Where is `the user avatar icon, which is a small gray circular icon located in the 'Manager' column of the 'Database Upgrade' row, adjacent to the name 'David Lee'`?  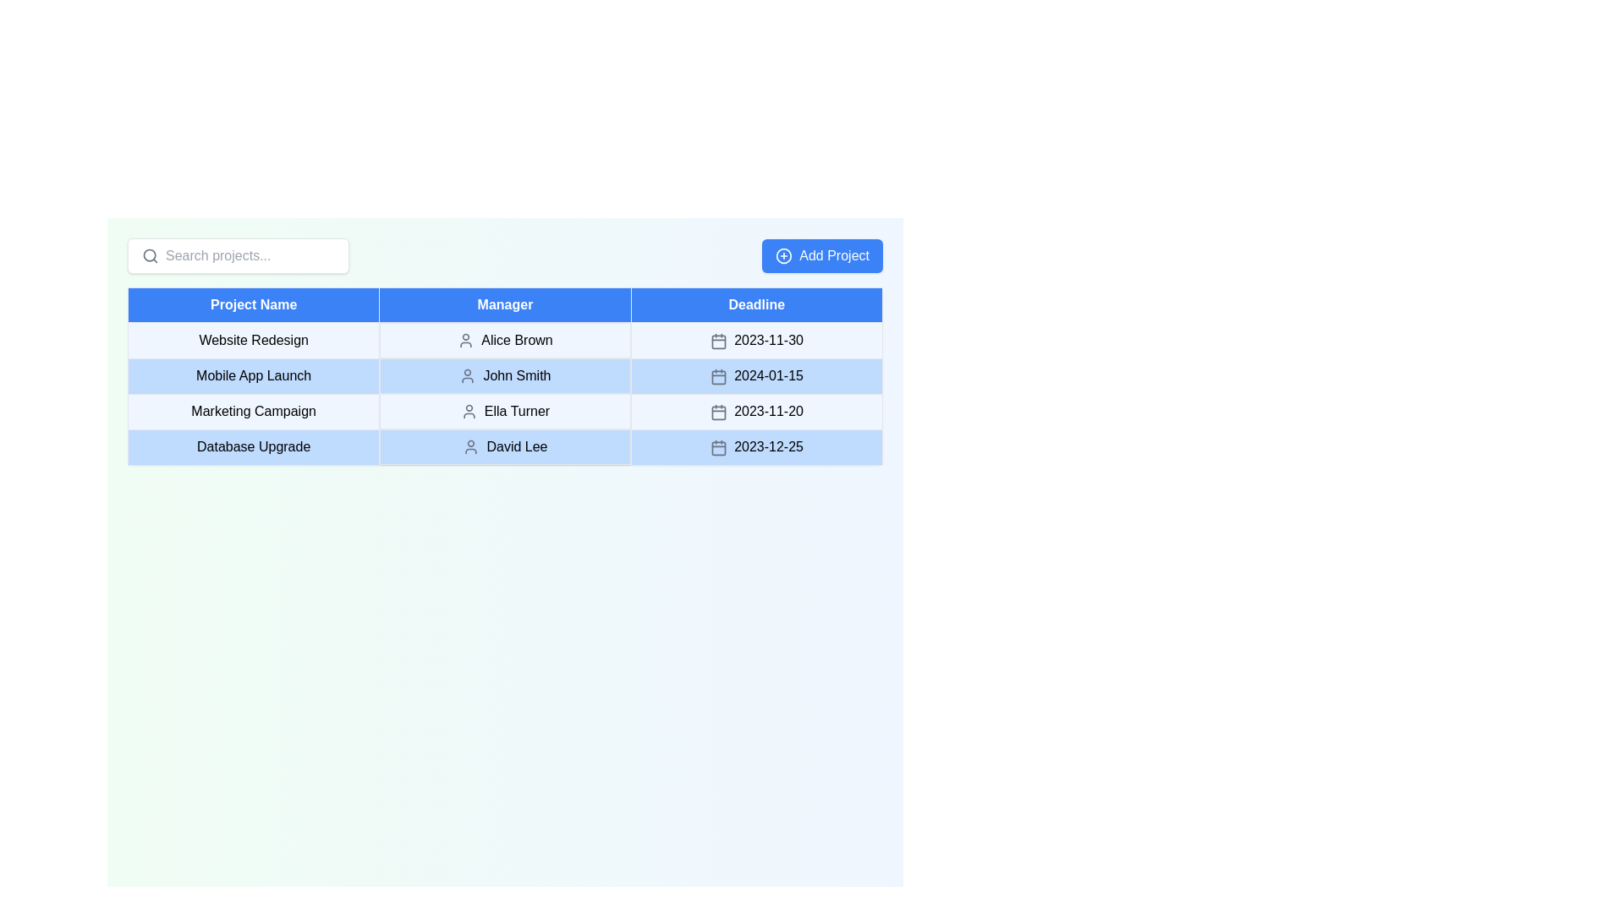
the user avatar icon, which is a small gray circular icon located in the 'Manager' column of the 'Database Upgrade' row, adjacent to the name 'David Lee' is located at coordinates (471, 446).